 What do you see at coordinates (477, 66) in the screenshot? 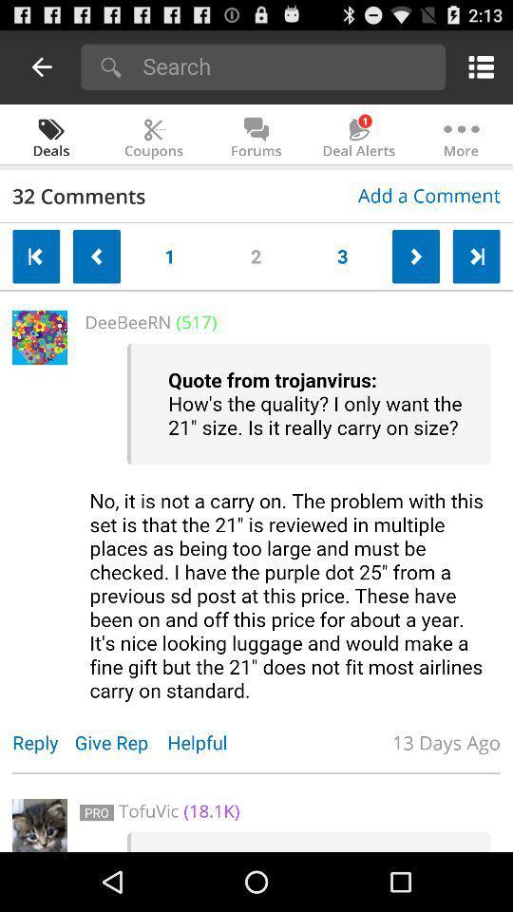
I see `the icon above more icon` at bounding box center [477, 66].